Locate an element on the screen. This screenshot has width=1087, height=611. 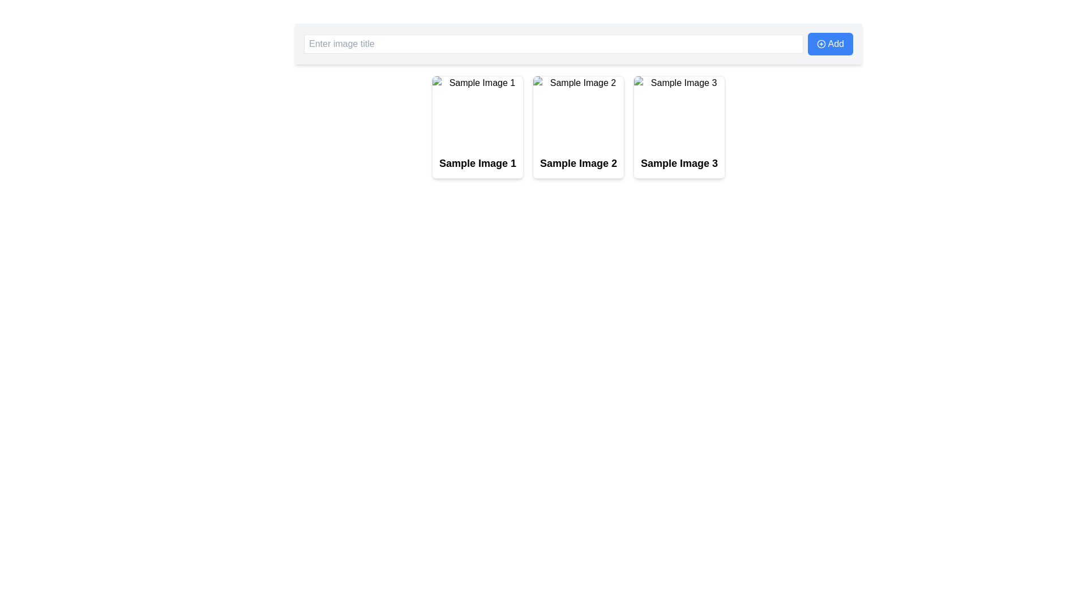
the text label with bold, black text reading 'Sample Image 2' located at the lower section of a card is located at coordinates (579, 163).